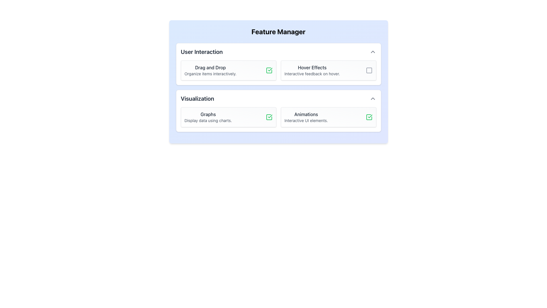  What do you see at coordinates (278, 111) in the screenshot?
I see `information from the 'Visualization' feature group panel located below 'User Interaction' in the 'Feature Manager'` at bounding box center [278, 111].